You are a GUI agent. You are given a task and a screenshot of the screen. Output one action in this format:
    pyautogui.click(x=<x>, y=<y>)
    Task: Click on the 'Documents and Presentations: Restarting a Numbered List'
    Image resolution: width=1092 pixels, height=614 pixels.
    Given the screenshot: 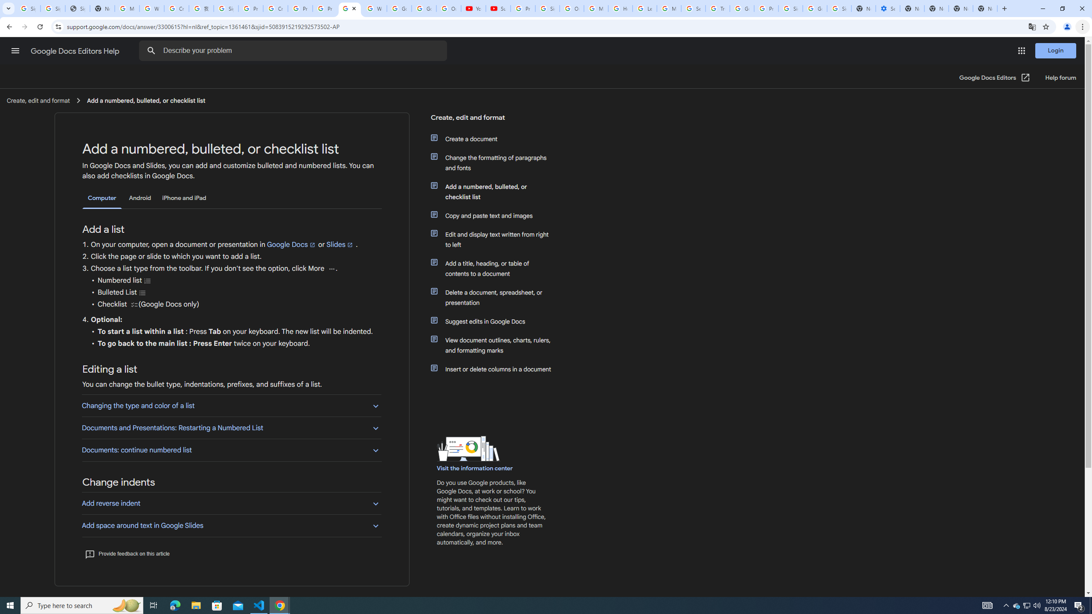 What is the action you would take?
    pyautogui.click(x=231, y=427)
    